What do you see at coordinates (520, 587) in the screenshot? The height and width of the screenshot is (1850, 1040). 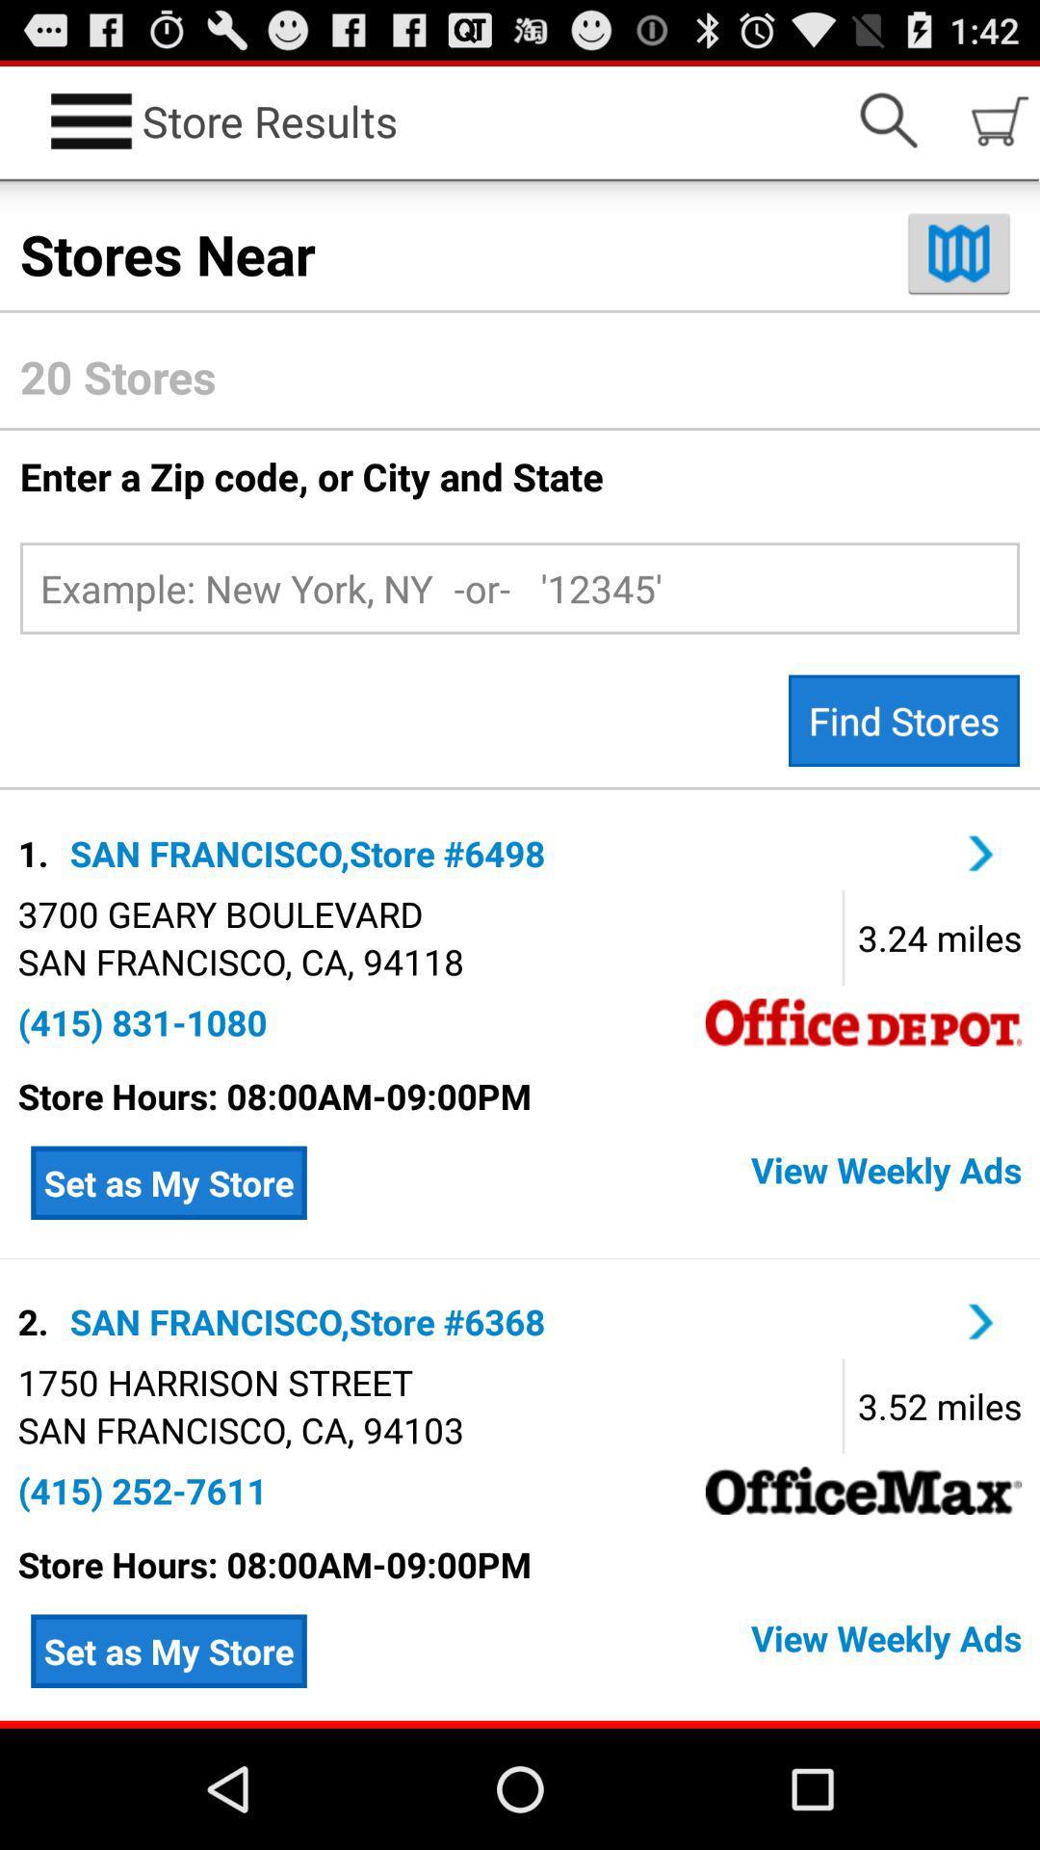 I see `a zip code city or state` at bounding box center [520, 587].